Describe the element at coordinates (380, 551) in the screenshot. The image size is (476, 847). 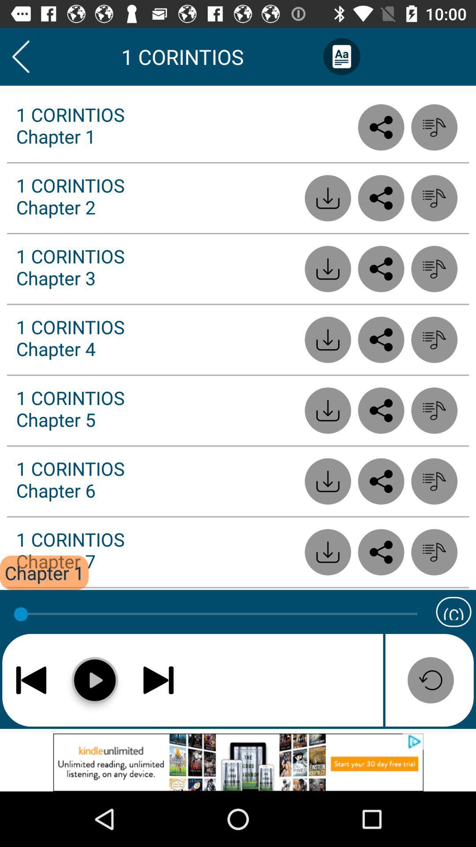
I see `share the chapter` at that location.